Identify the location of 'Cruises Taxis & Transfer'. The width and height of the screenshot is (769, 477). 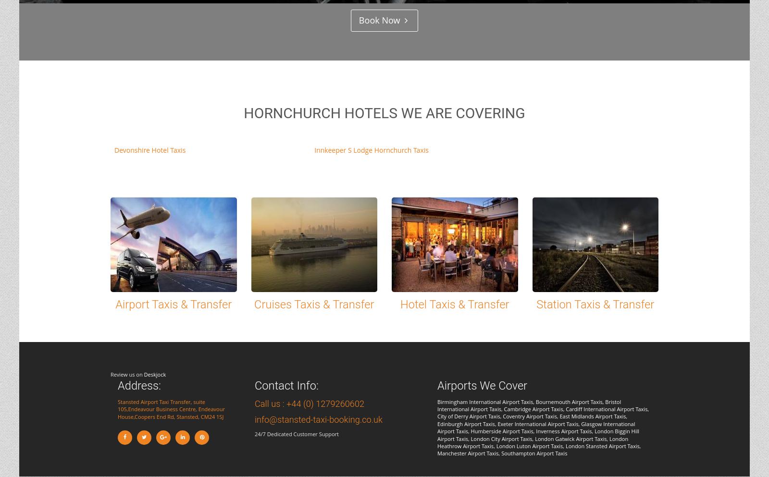
(253, 304).